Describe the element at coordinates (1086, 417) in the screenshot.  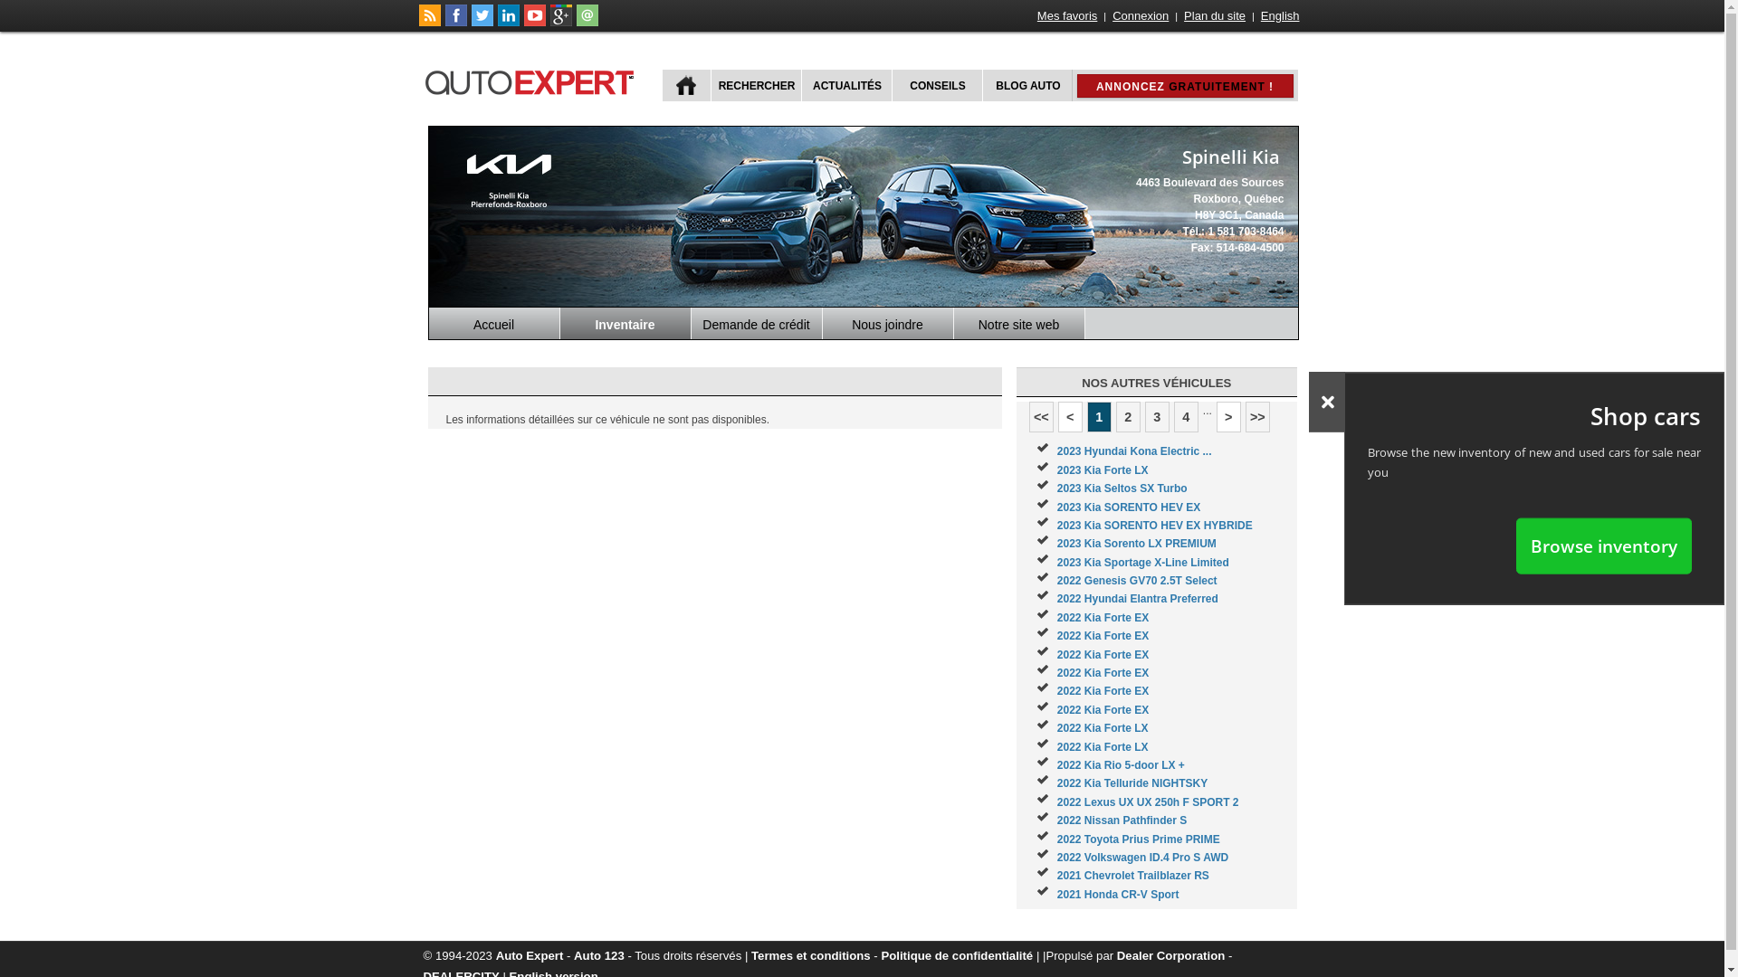
I see `'1'` at that location.